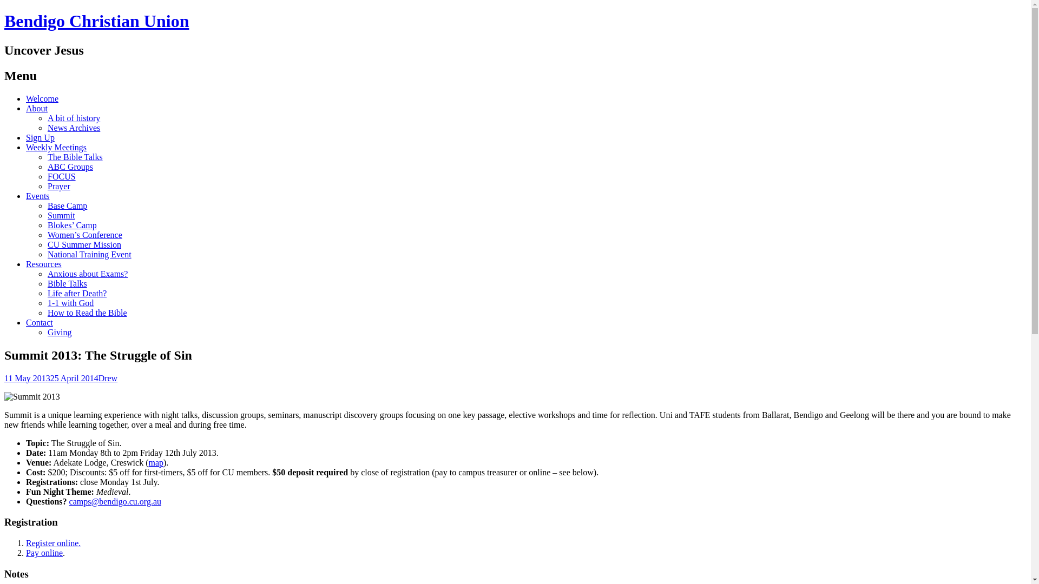 This screenshot has height=584, width=1039. Describe the element at coordinates (59, 331) in the screenshot. I see `'Giving'` at that location.